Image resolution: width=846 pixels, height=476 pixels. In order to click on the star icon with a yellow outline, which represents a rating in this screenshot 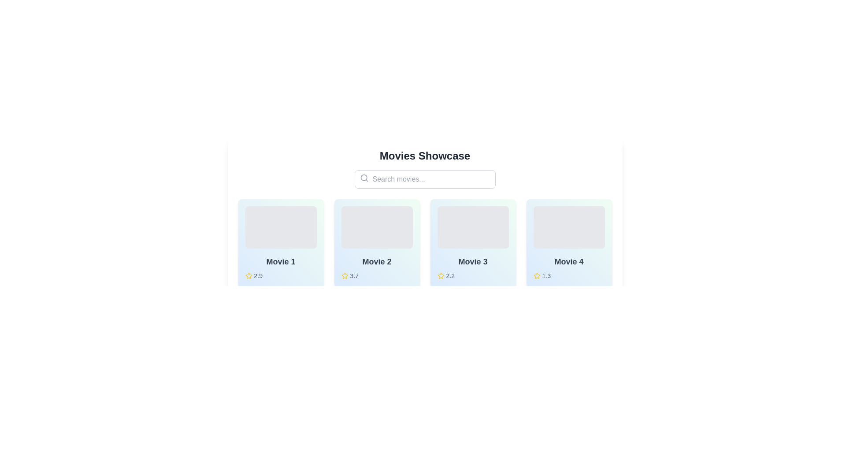, I will do `click(248, 275)`.